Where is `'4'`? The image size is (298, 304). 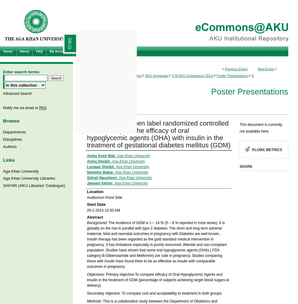
'4' is located at coordinates (253, 75).